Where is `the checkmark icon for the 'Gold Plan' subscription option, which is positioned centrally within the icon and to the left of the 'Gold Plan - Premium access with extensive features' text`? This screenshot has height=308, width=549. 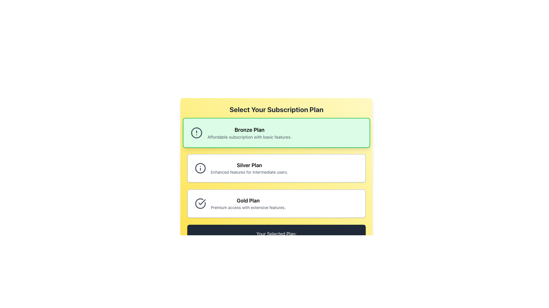 the checkmark icon for the 'Gold Plan' subscription option, which is positioned centrally within the icon and to the left of the 'Gold Plan - Premium access with extensive features' text is located at coordinates (202, 202).